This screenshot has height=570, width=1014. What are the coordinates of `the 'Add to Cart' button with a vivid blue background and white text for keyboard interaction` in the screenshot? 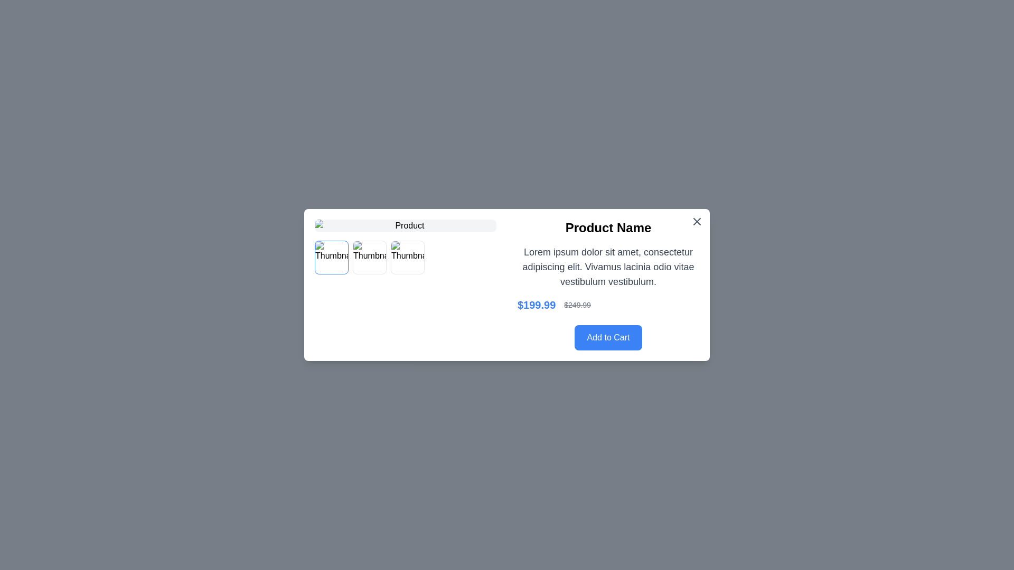 It's located at (608, 338).